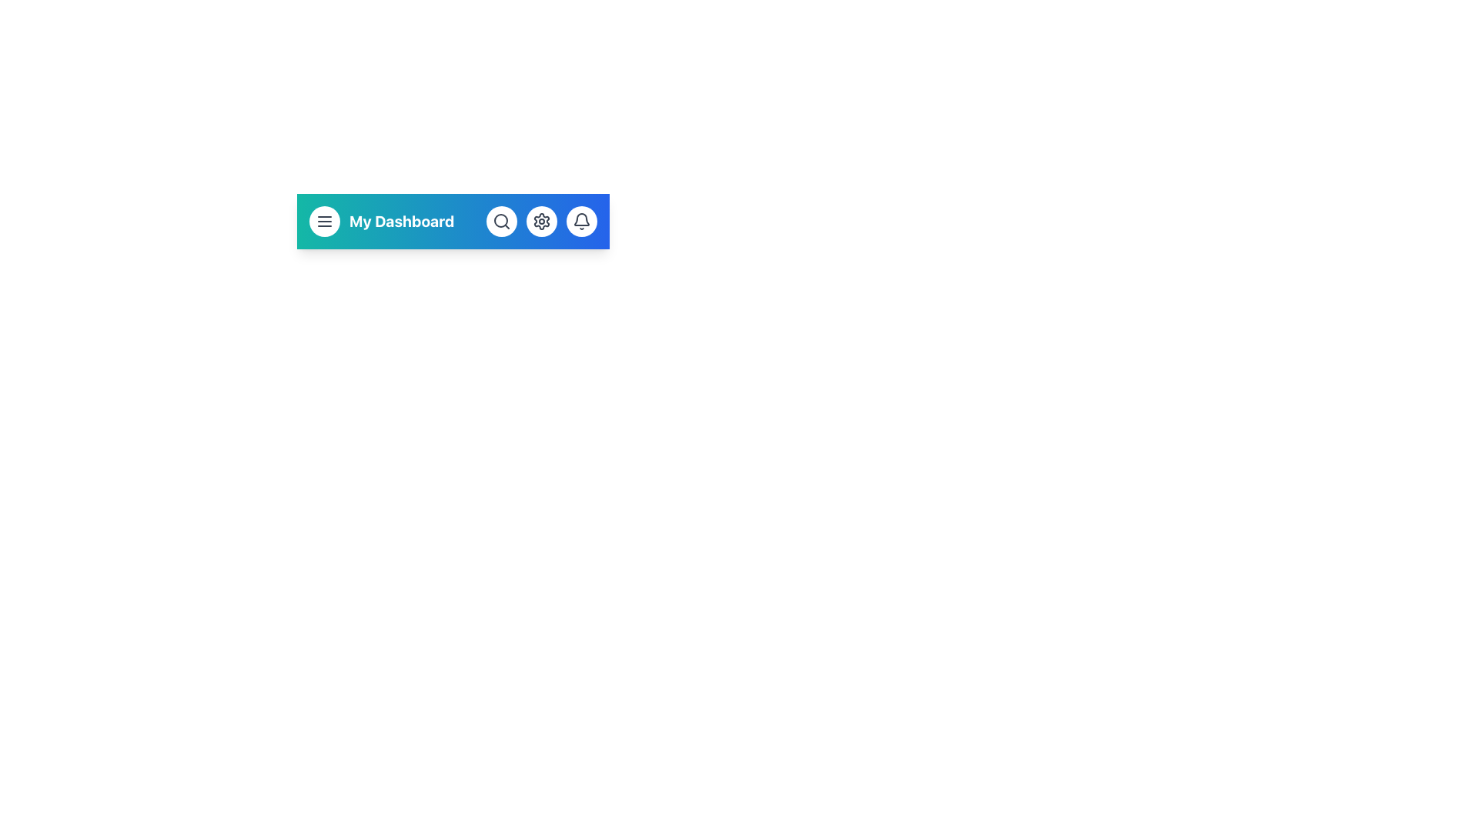  What do you see at coordinates (542, 222) in the screenshot?
I see `the gear/settings icon located in the navigation bar, positioned between the search icon on the left and the notification bell icon on the right` at bounding box center [542, 222].